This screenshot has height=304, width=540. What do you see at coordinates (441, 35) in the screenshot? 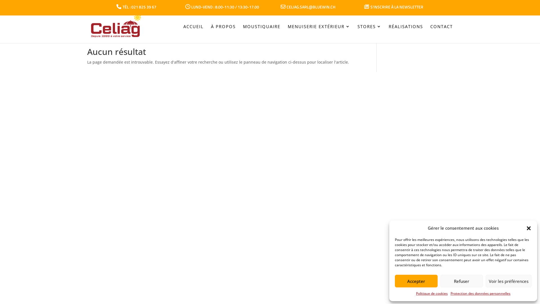
I see `'CONTACT'` at bounding box center [441, 35].